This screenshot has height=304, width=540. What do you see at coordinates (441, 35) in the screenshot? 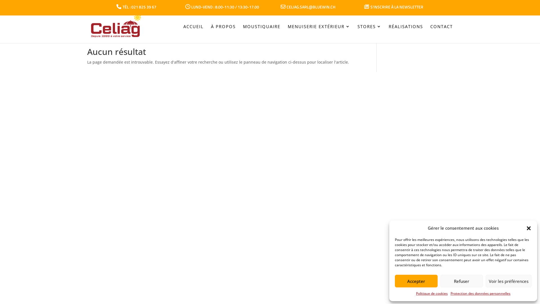
I see `'CONTACT'` at bounding box center [441, 35].